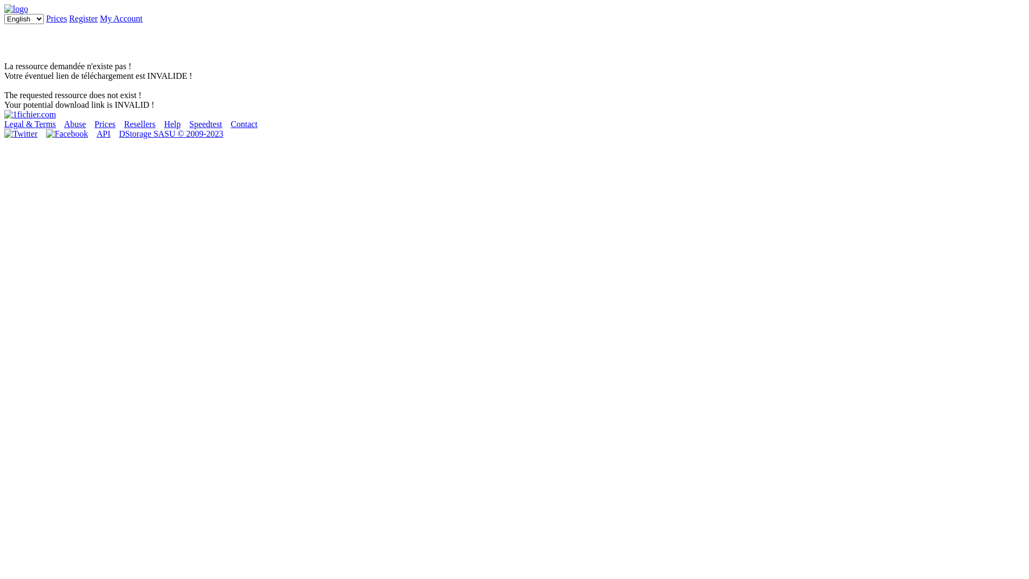 Image resolution: width=1029 pixels, height=579 pixels. What do you see at coordinates (172, 123) in the screenshot?
I see `'Help'` at bounding box center [172, 123].